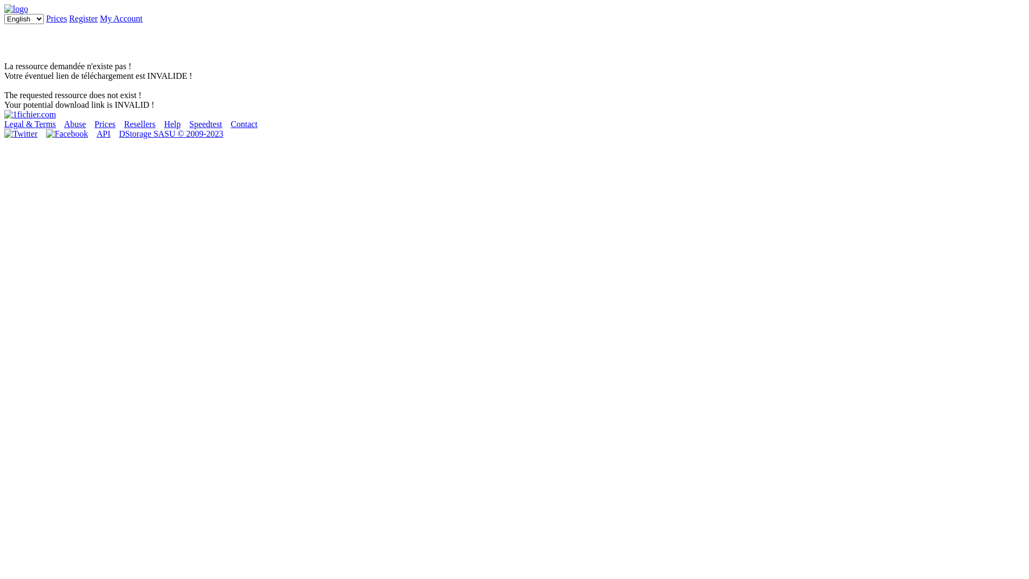 Image resolution: width=1029 pixels, height=579 pixels. What do you see at coordinates (172, 123) in the screenshot?
I see `'Help'` at bounding box center [172, 123].